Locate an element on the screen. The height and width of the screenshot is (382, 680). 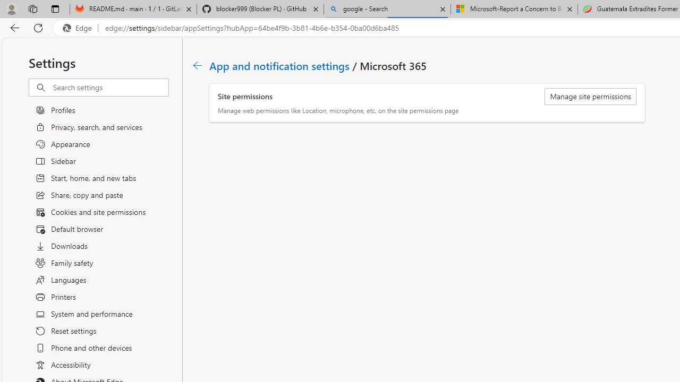
'Edge' is located at coordinates (79, 28).